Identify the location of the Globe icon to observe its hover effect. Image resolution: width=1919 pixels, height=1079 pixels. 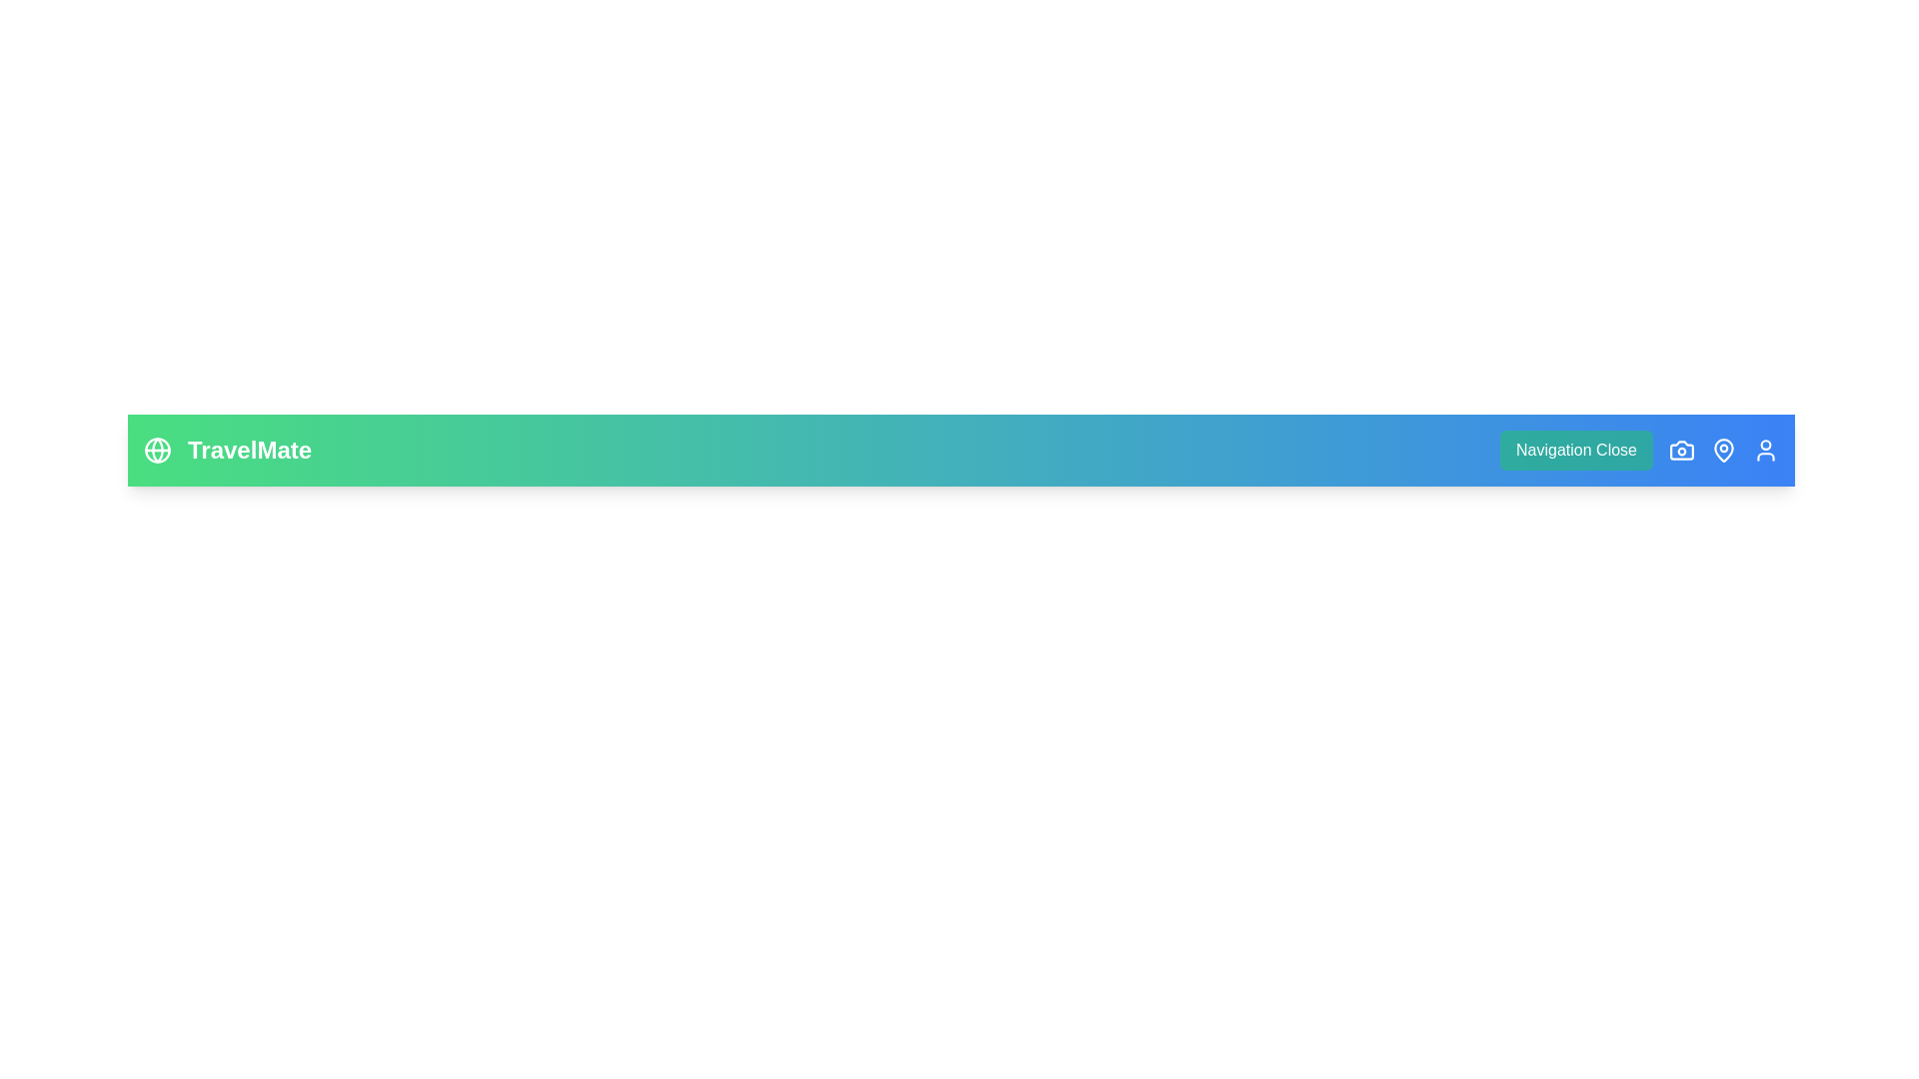
(157, 451).